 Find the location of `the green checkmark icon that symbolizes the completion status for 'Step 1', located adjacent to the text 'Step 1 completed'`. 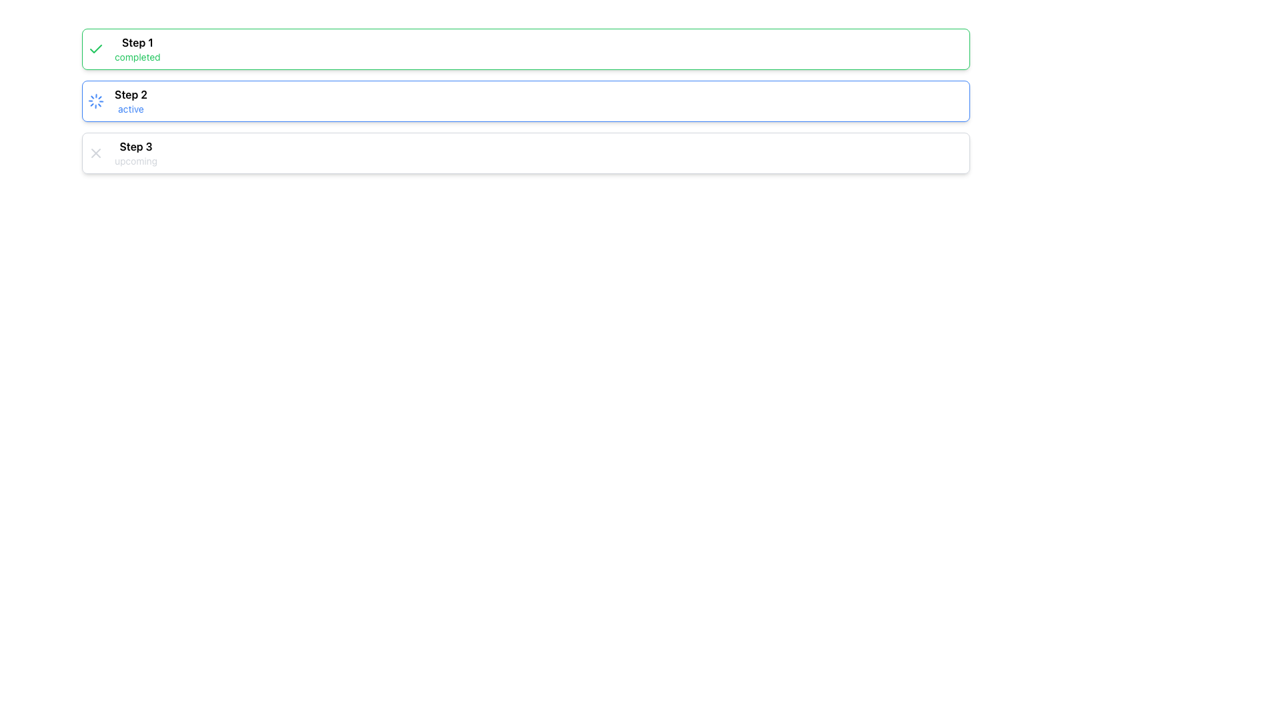

the green checkmark icon that symbolizes the completion status for 'Step 1', located adjacent to the text 'Step 1 completed' is located at coordinates (95, 48).